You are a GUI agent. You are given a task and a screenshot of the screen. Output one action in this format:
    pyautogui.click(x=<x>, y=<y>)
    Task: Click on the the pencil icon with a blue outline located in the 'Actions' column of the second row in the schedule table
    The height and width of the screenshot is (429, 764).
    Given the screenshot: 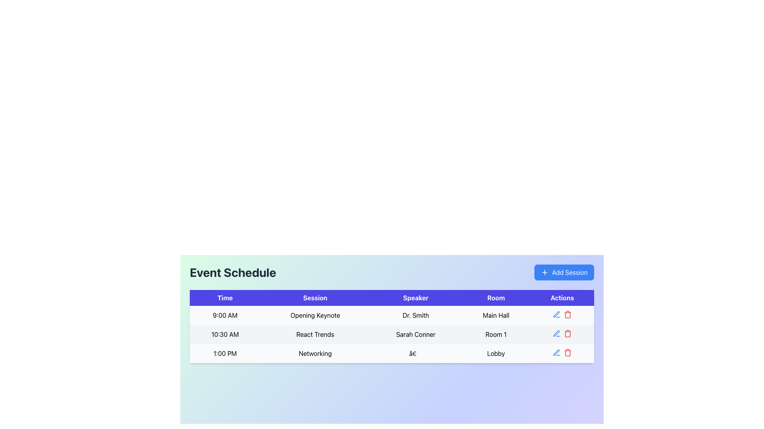 What is the action you would take?
    pyautogui.click(x=556, y=333)
    